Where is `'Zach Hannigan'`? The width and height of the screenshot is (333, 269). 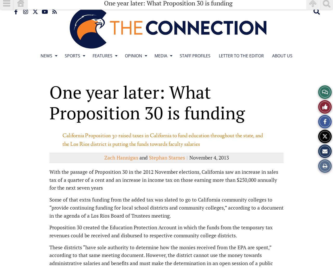 'Zach Hannigan' is located at coordinates (121, 157).